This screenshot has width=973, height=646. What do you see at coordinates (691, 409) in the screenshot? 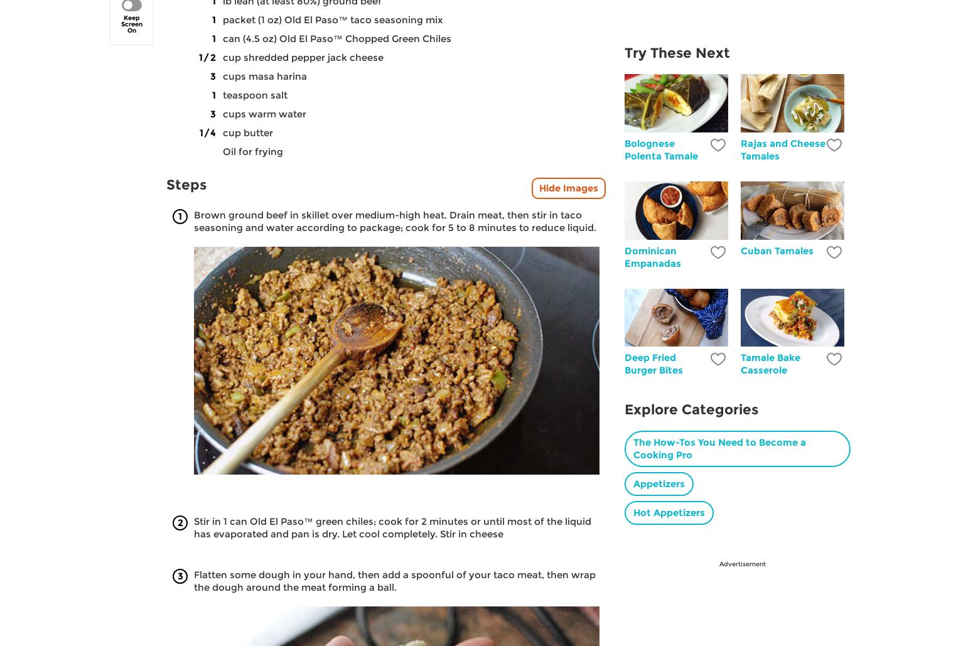
I see `'Explore Categories'` at bounding box center [691, 409].